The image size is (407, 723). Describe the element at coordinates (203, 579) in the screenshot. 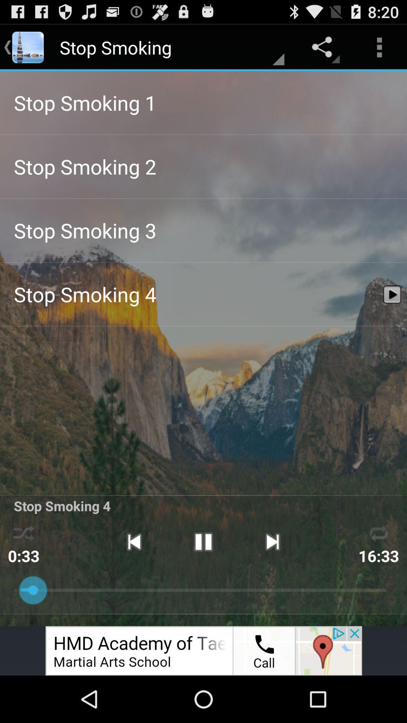

I see `the pause icon` at that location.